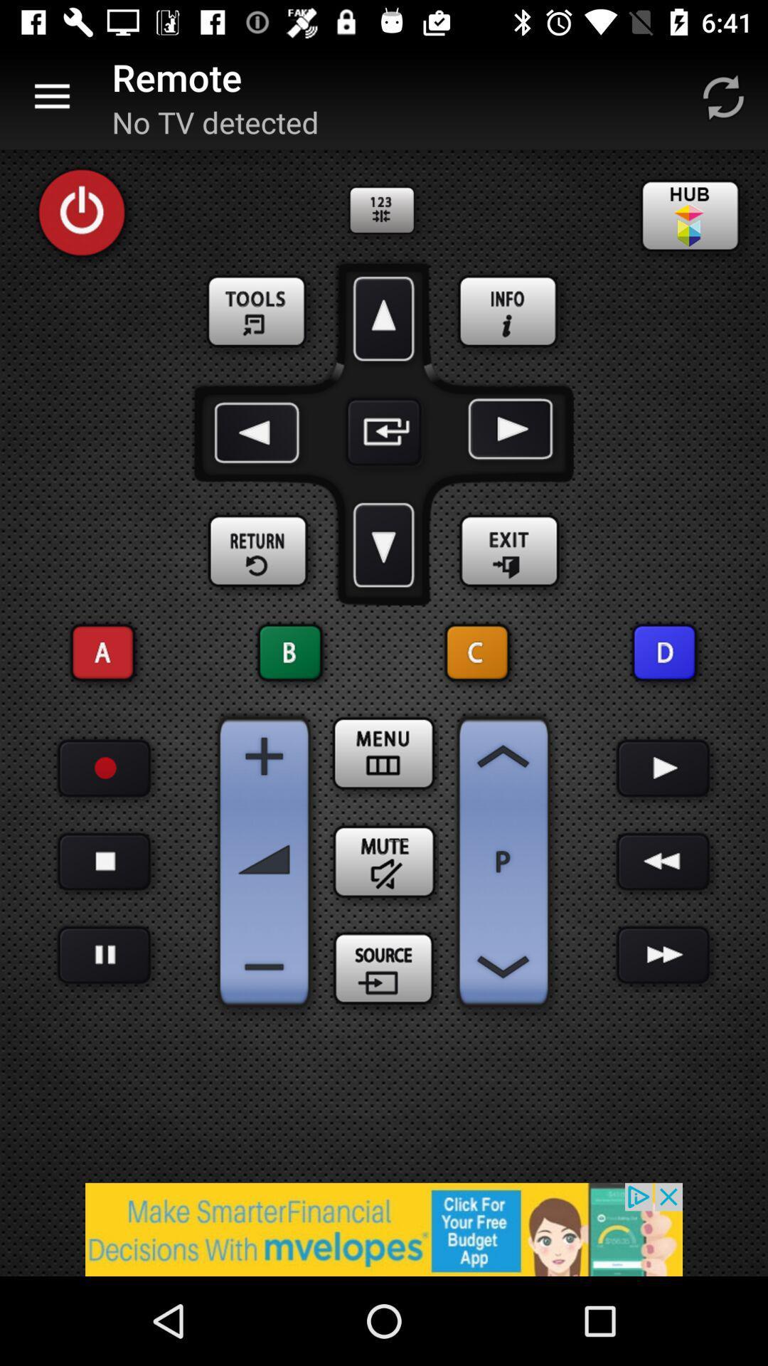  I want to click on the audio, so click(663, 768).